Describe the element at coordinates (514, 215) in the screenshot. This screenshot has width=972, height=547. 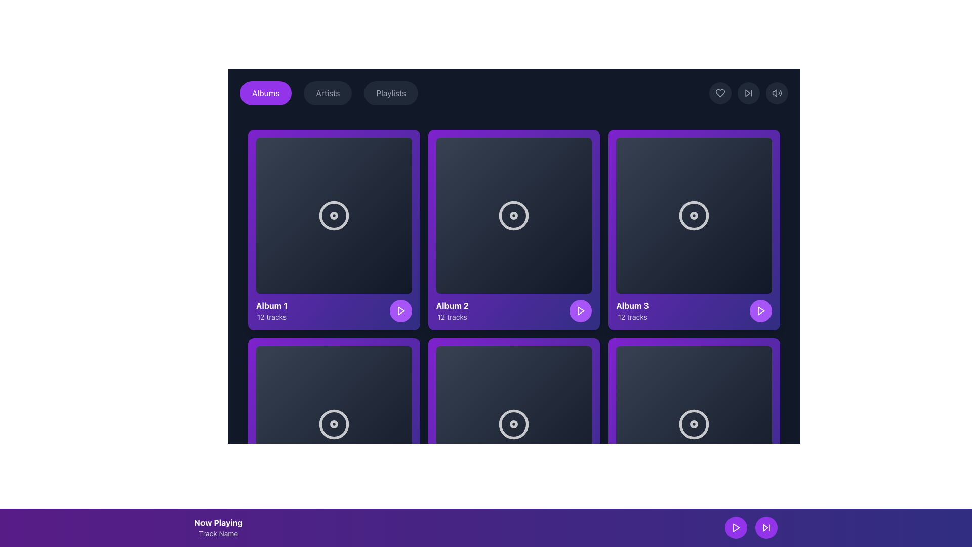
I see `the decorative thumbnail representing 'Album 2' in the grid layout, which is the second card in the first row` at that location.